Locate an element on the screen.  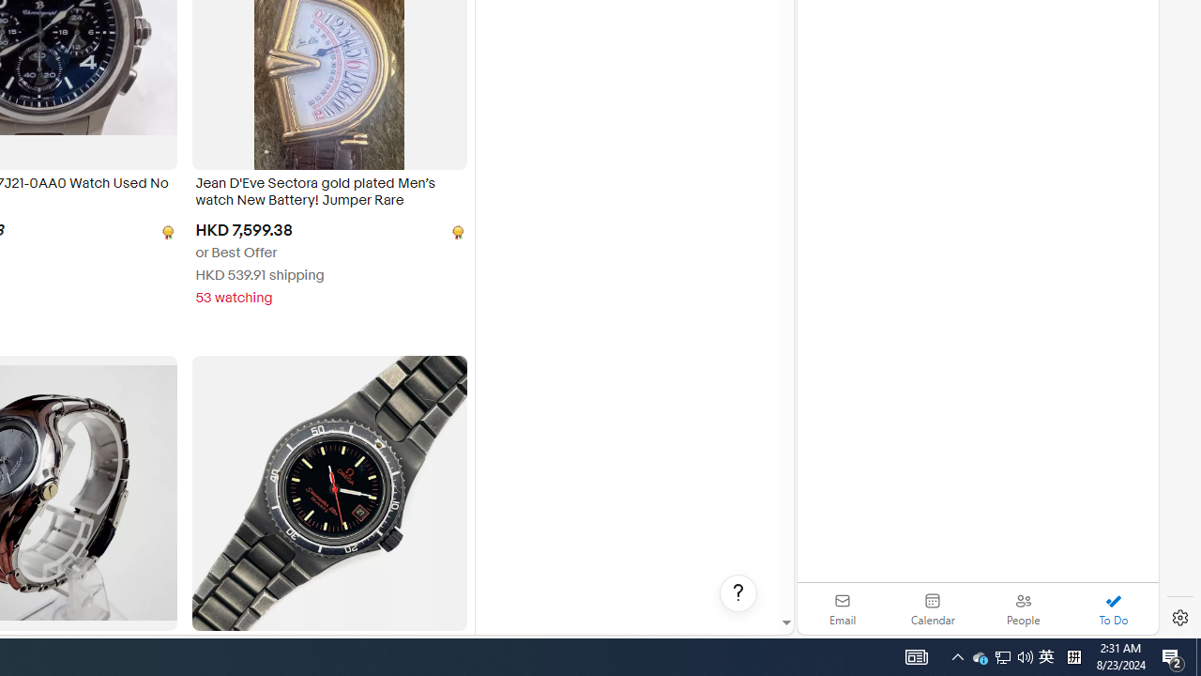
'To Do' is located at coordinates (1113, 608).